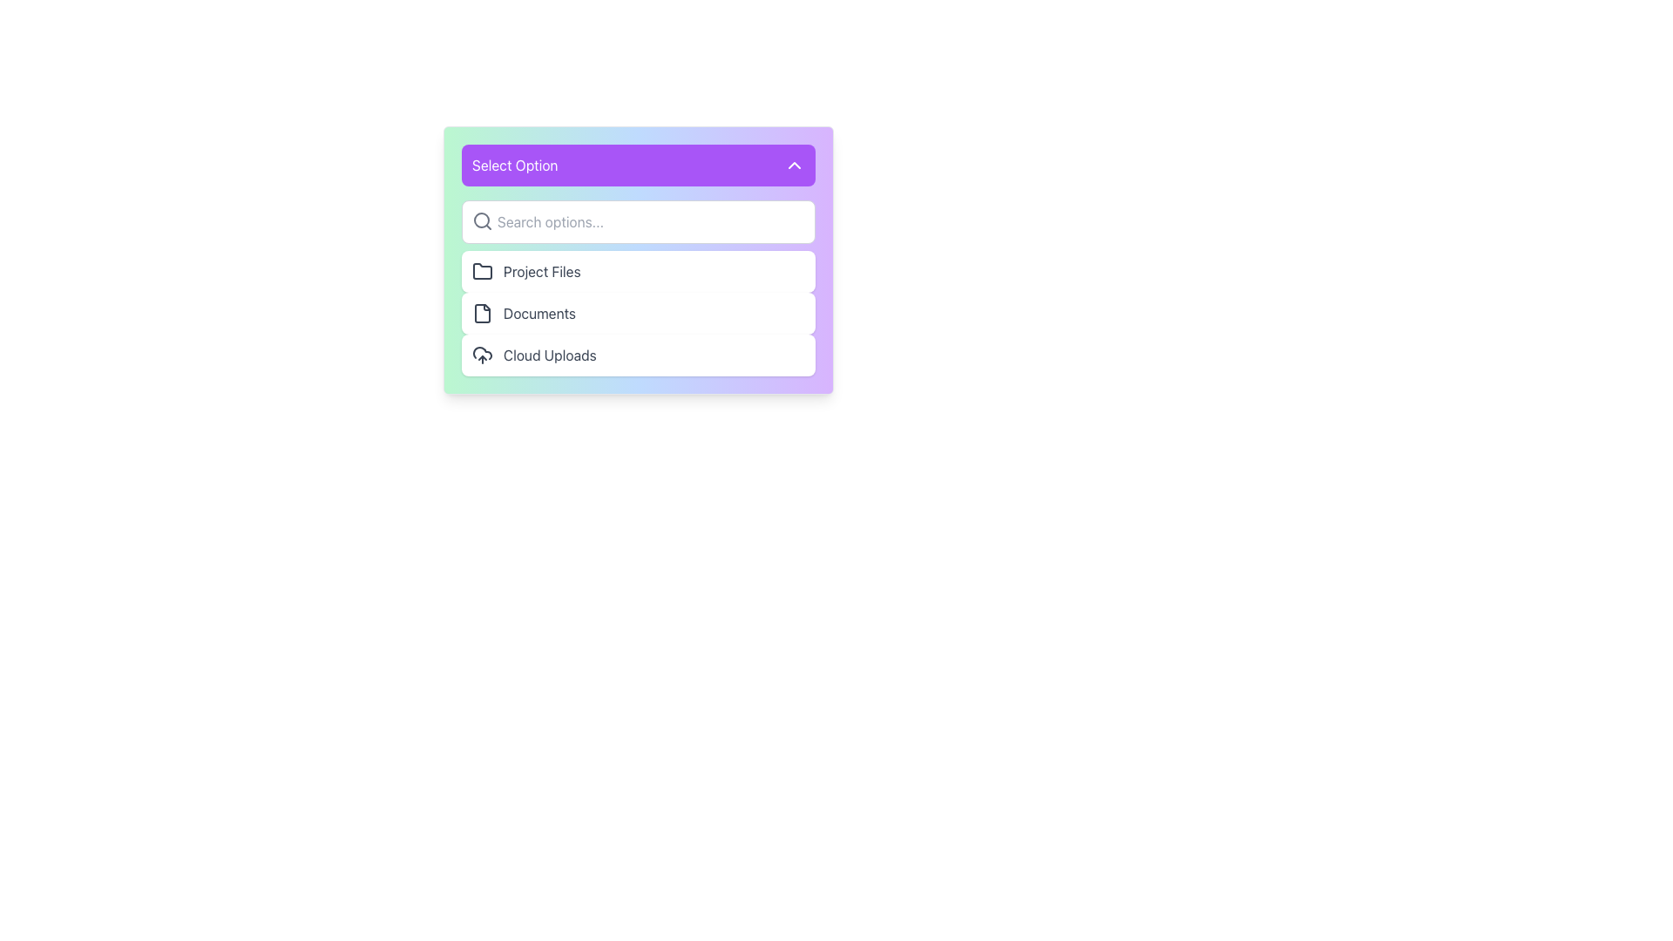  What do you see at coordinates (638, 312) in the screenshot?
I see `the 'Documents' selectable list item within the dropdown menu` at bounding box center [638, 312].